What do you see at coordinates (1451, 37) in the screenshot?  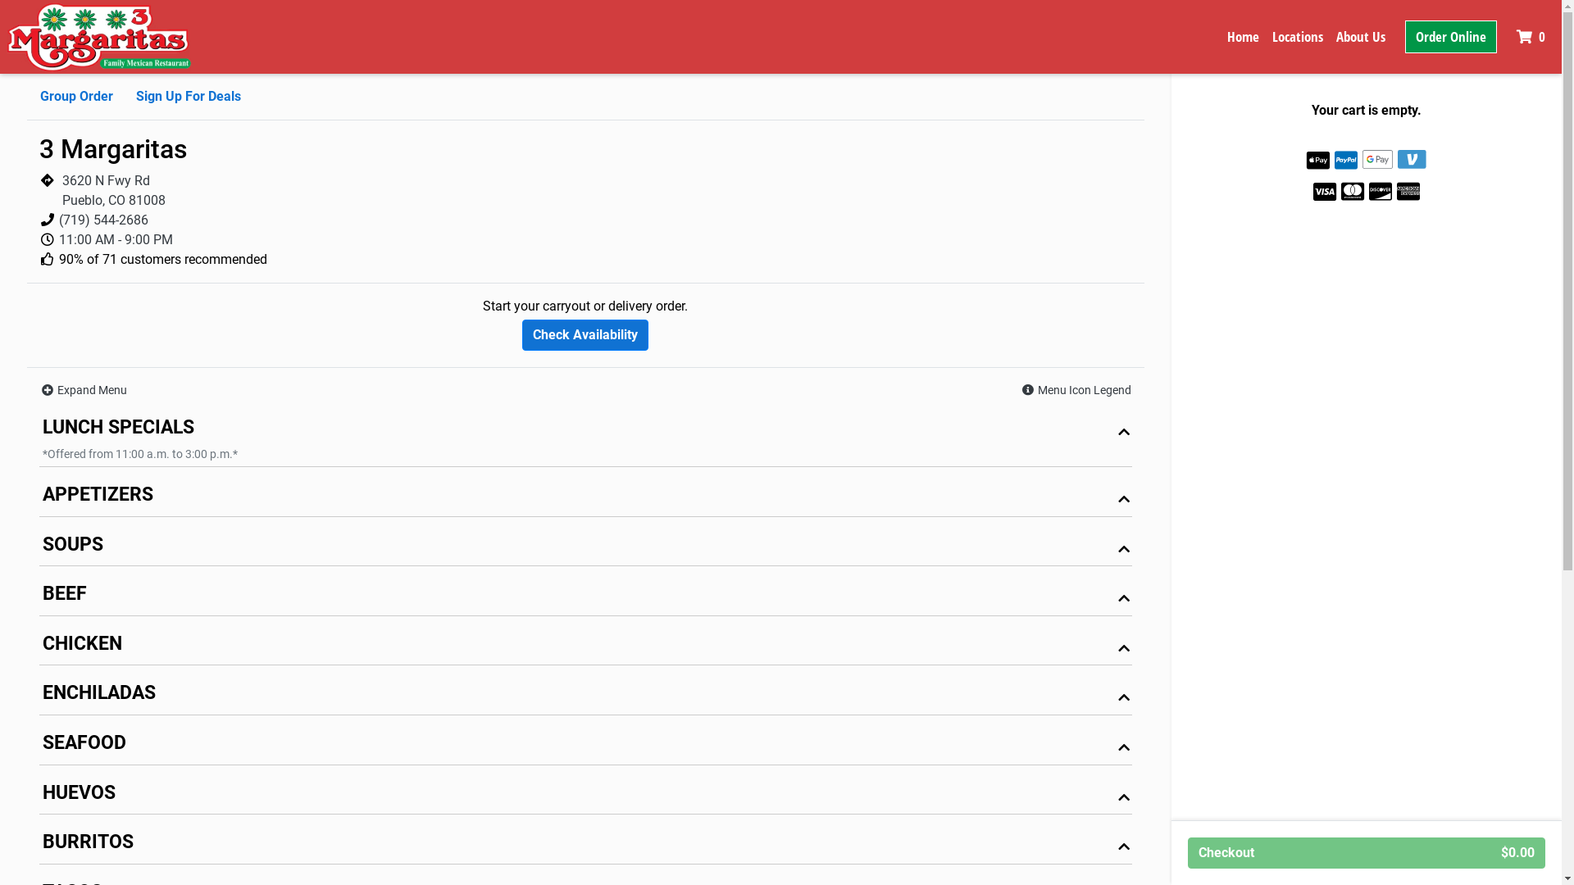 I see `'Order Online'` at bounding box center [1451, 37].